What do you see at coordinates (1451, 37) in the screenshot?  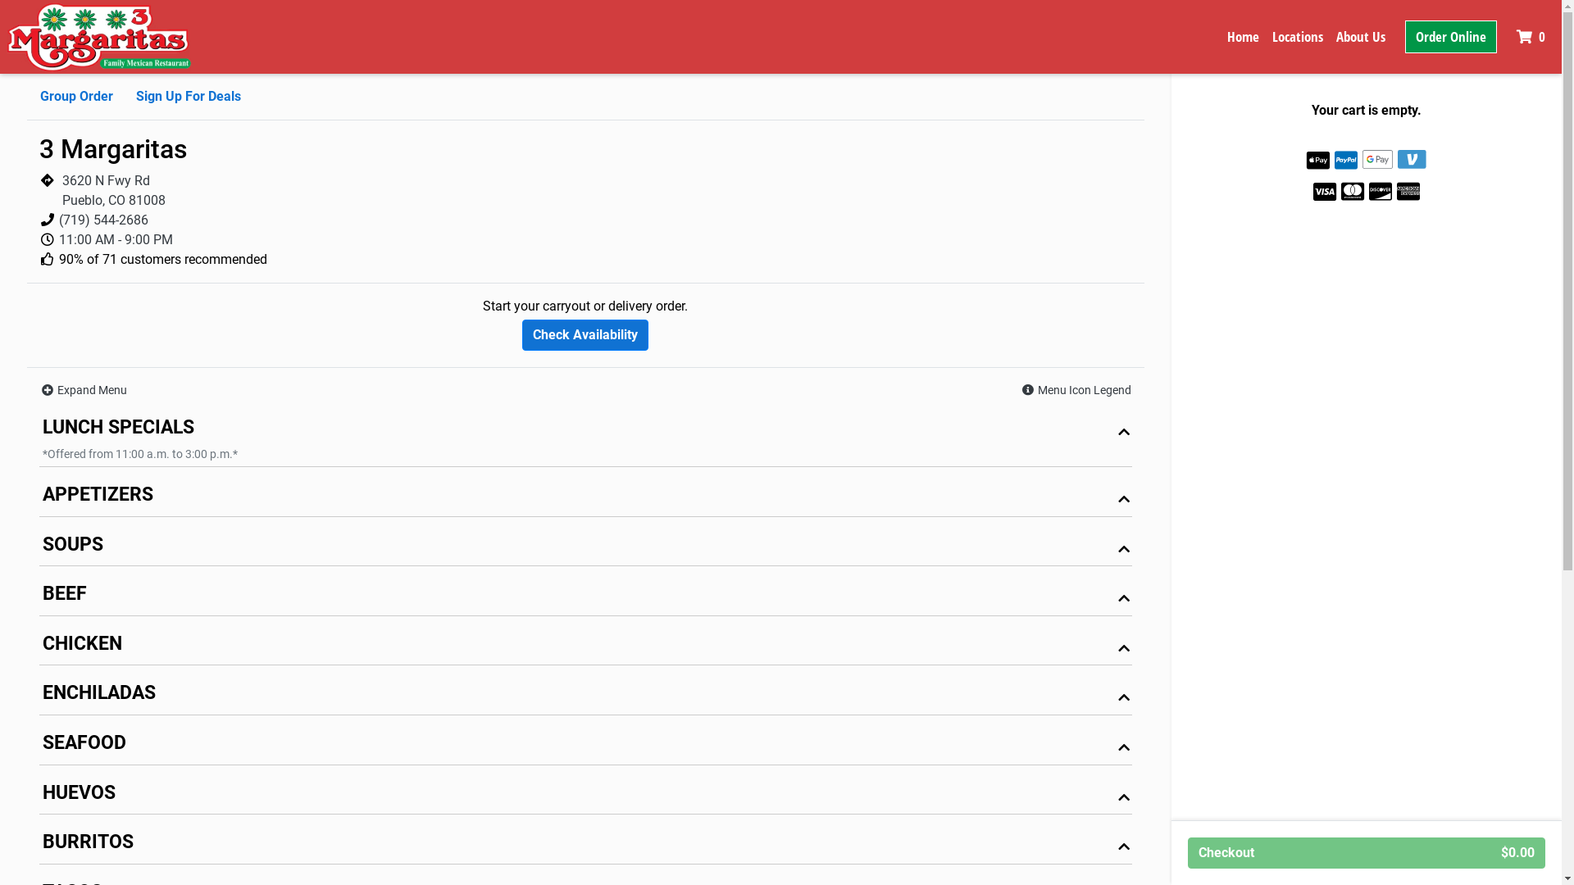 I see `'Order Online'` at bounding box center [1451, 37].